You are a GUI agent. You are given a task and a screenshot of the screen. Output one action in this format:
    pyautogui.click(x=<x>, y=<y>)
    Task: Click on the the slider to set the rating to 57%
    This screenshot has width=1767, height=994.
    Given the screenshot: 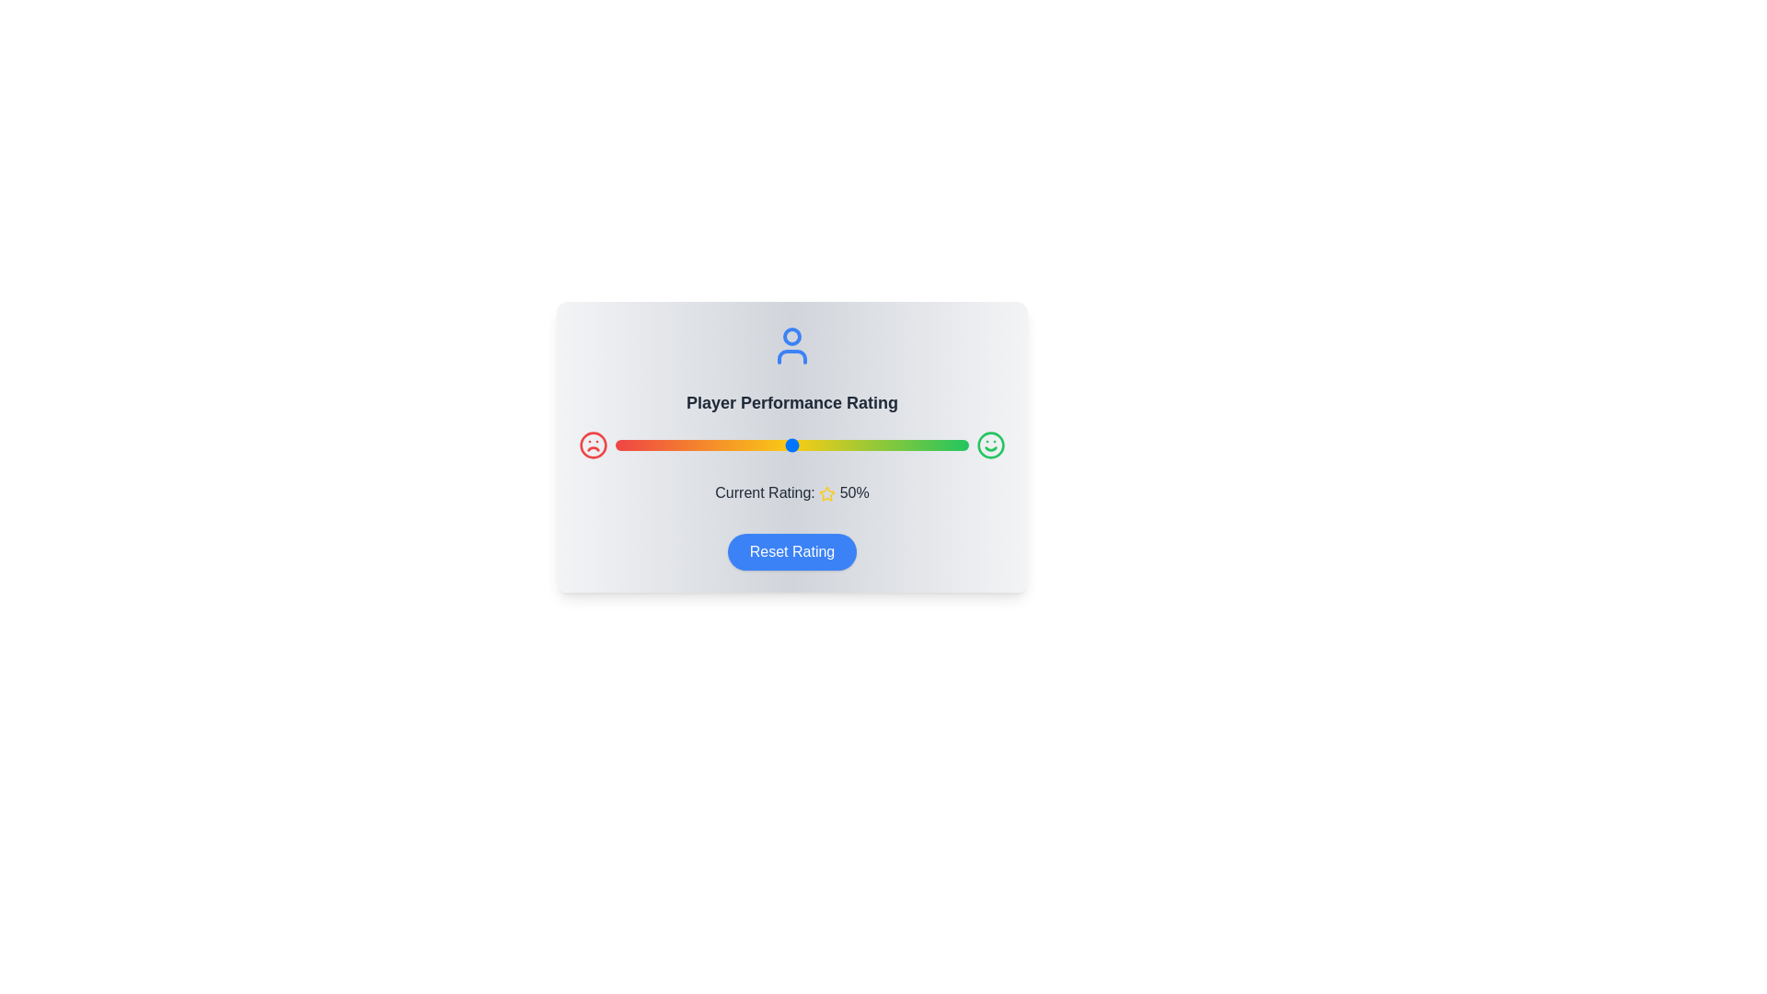 What is the action you would take?
    pyautogui.click(x=815, y=445)
    